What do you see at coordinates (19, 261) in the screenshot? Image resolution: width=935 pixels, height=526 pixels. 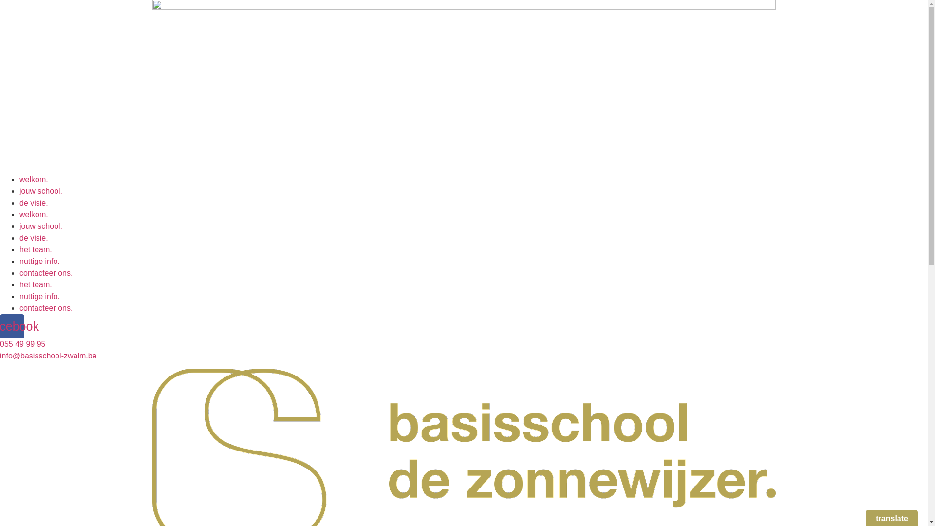 I see `'nuttige info.'` at bounding box center [19, 261].